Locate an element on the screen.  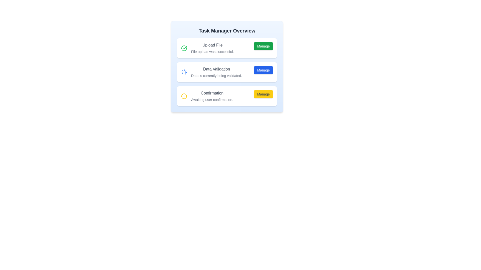
the green check mark icon inside the circular icon located in the top-left section of the 'Upload File' task box is located at coordinates (185, 47).